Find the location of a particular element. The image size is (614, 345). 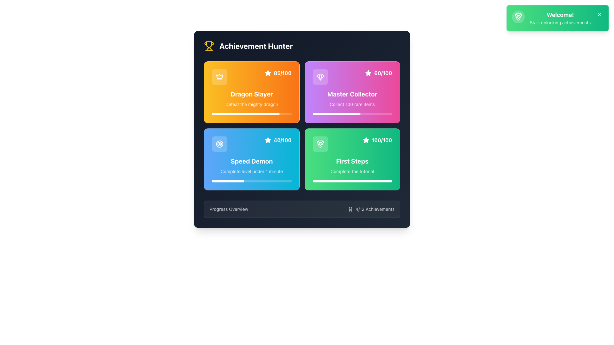

and interpret the 'Master Collector' achievement title text label located in the second card on the top row of the main achievement grid, which has a purple-to-pink gradient background is located at coordinates (352, 94).